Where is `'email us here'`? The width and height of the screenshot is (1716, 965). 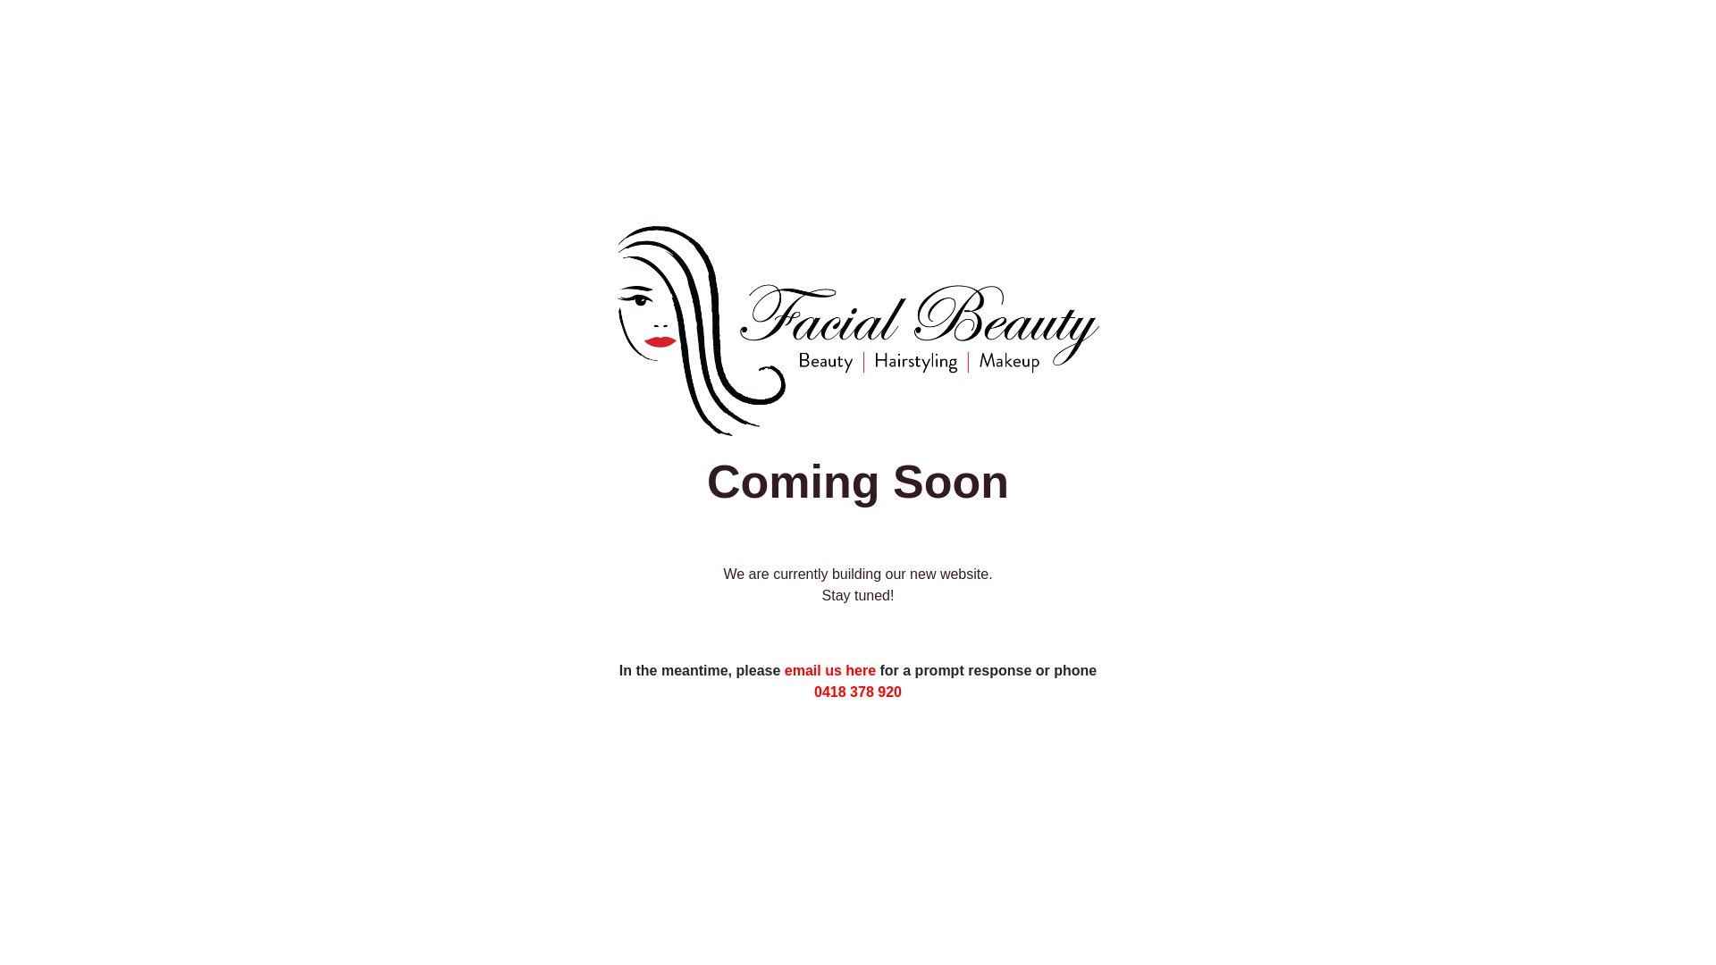 'email us here' is located at coordinates (829, 670).